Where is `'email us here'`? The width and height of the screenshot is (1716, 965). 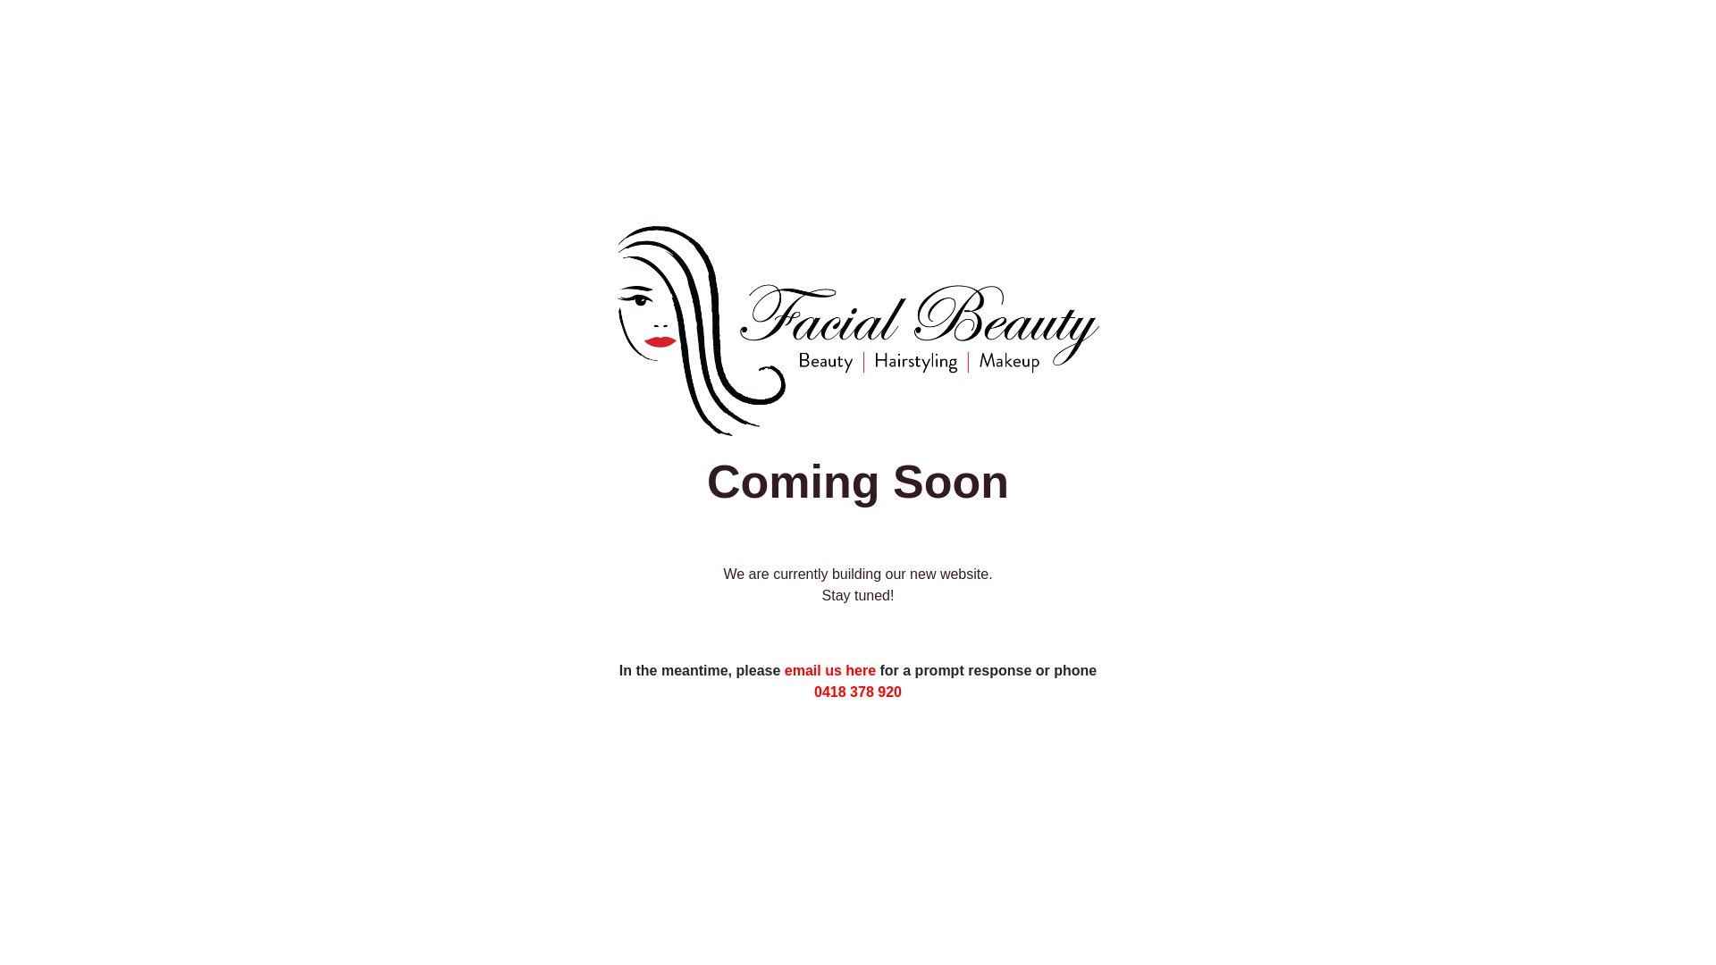 'email us here' is located at coordinates (829, 670).